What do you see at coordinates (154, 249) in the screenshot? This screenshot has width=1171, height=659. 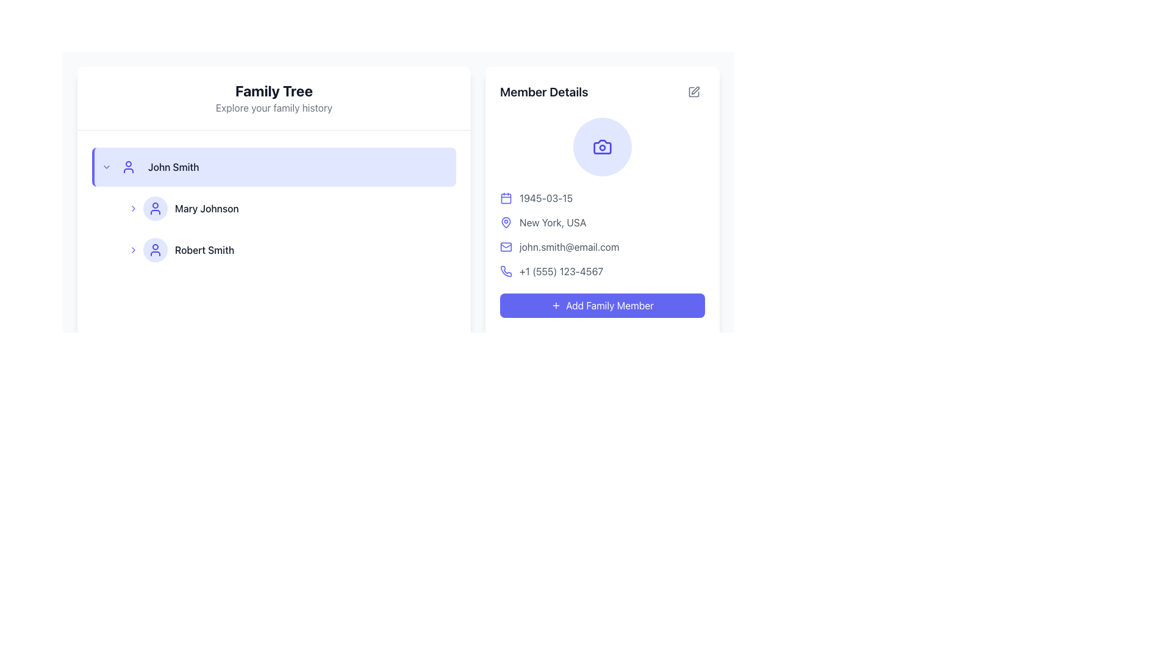 I see `the circular user icon with a silhouette in indigo colors located in the left panel under the 'Family Tree' section, adjacent to the 'Robert Smith' label` at bounding box center [154, 249].